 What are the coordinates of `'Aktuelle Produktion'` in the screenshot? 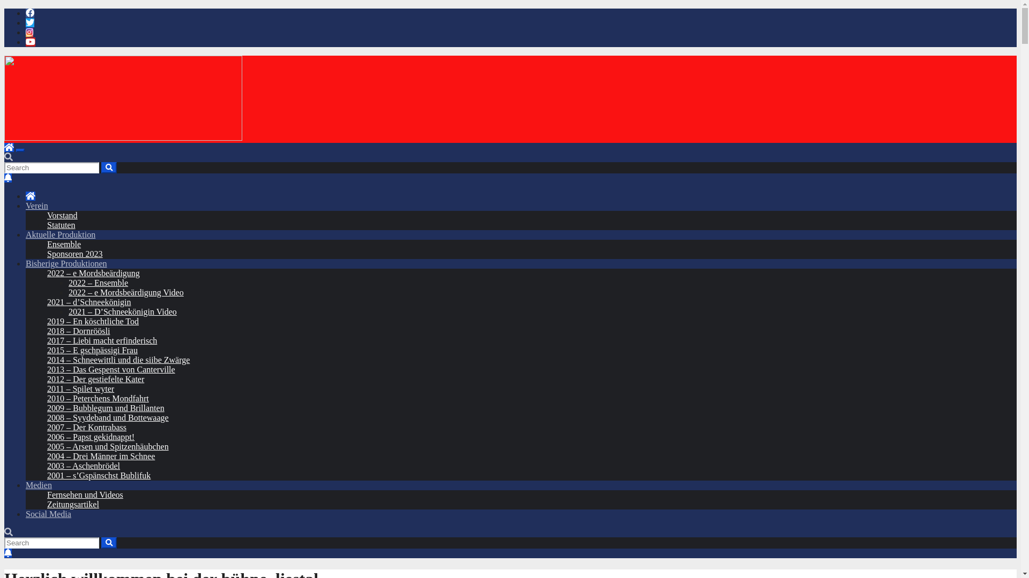 It's located at (60, 234).